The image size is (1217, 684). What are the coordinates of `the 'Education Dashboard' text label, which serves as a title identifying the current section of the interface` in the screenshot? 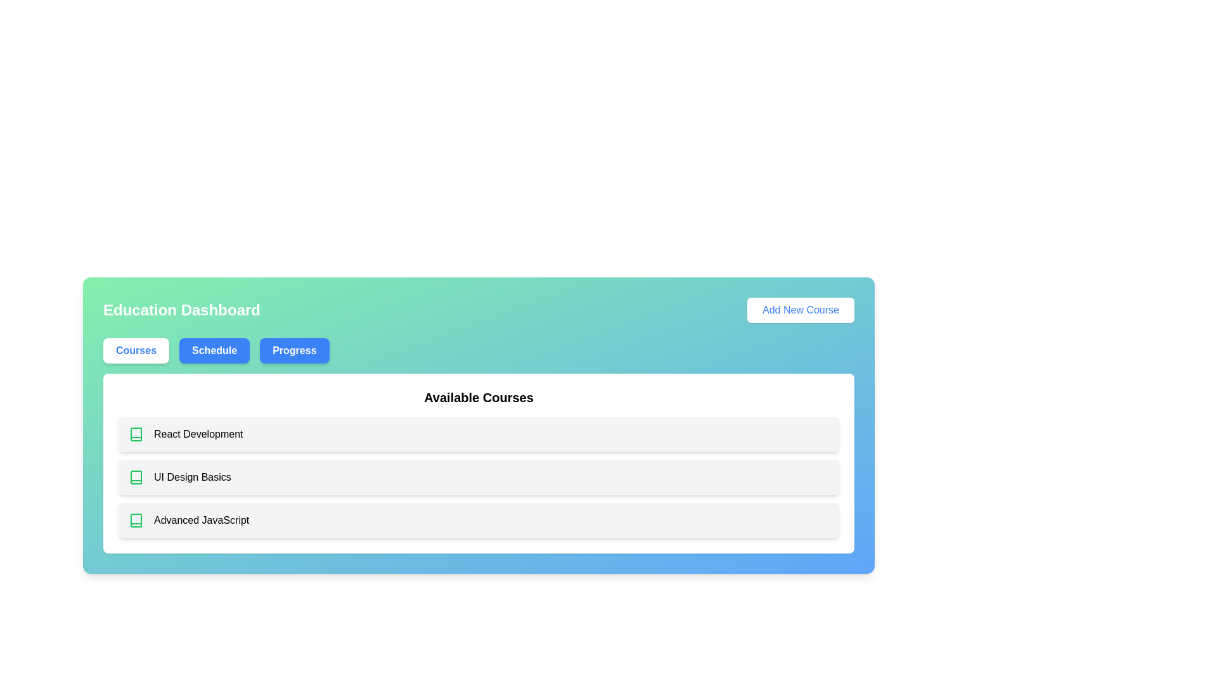 It's located at (181, 310).